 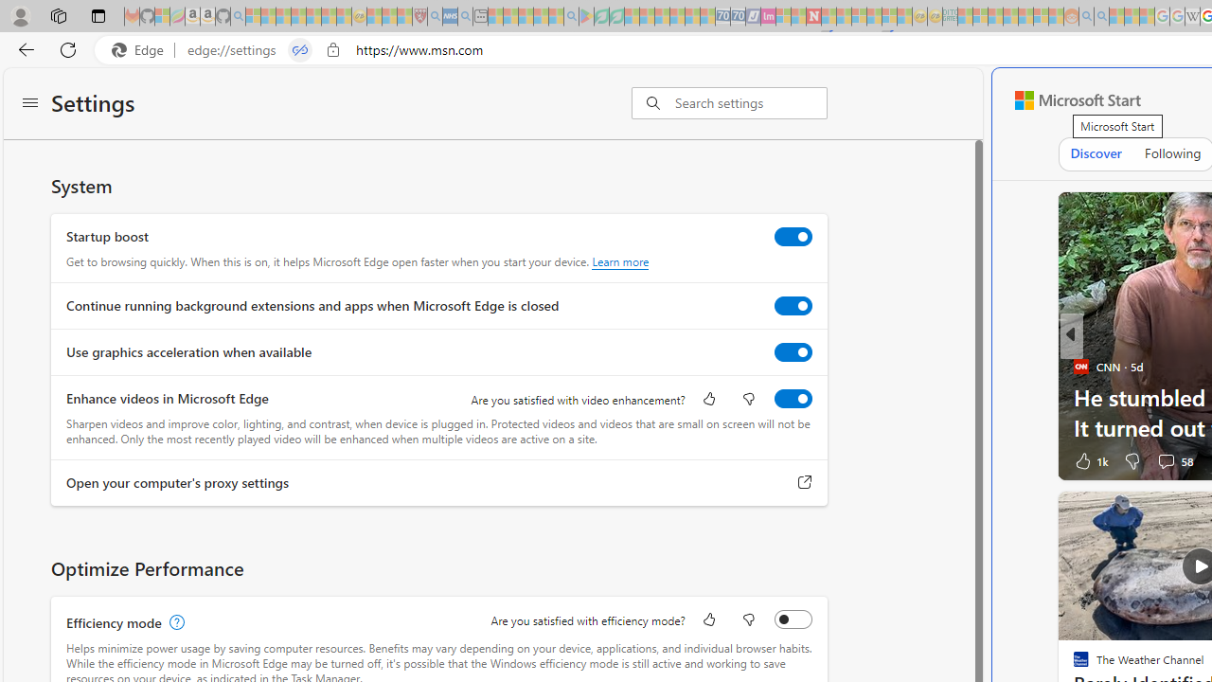 I want to click on 'Robert H. Shmerling, MD - Harvard Health - Sleeping', so click(x=419, y=16).